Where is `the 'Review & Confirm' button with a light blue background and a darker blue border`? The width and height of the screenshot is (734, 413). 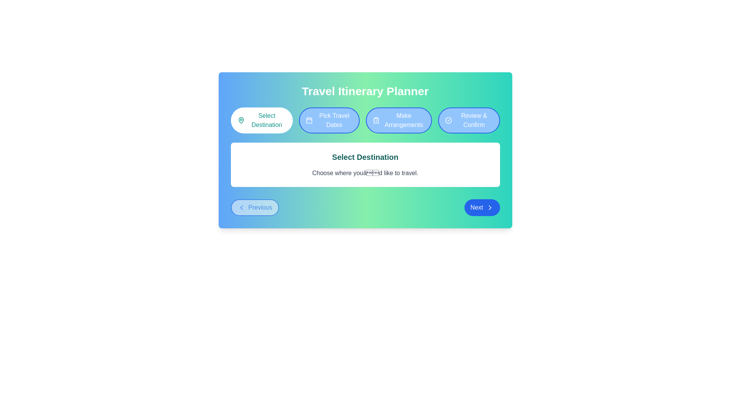
the 'Review & Confirm' button with a light blue background and a darker blue border is located at coordinates (468, 120).